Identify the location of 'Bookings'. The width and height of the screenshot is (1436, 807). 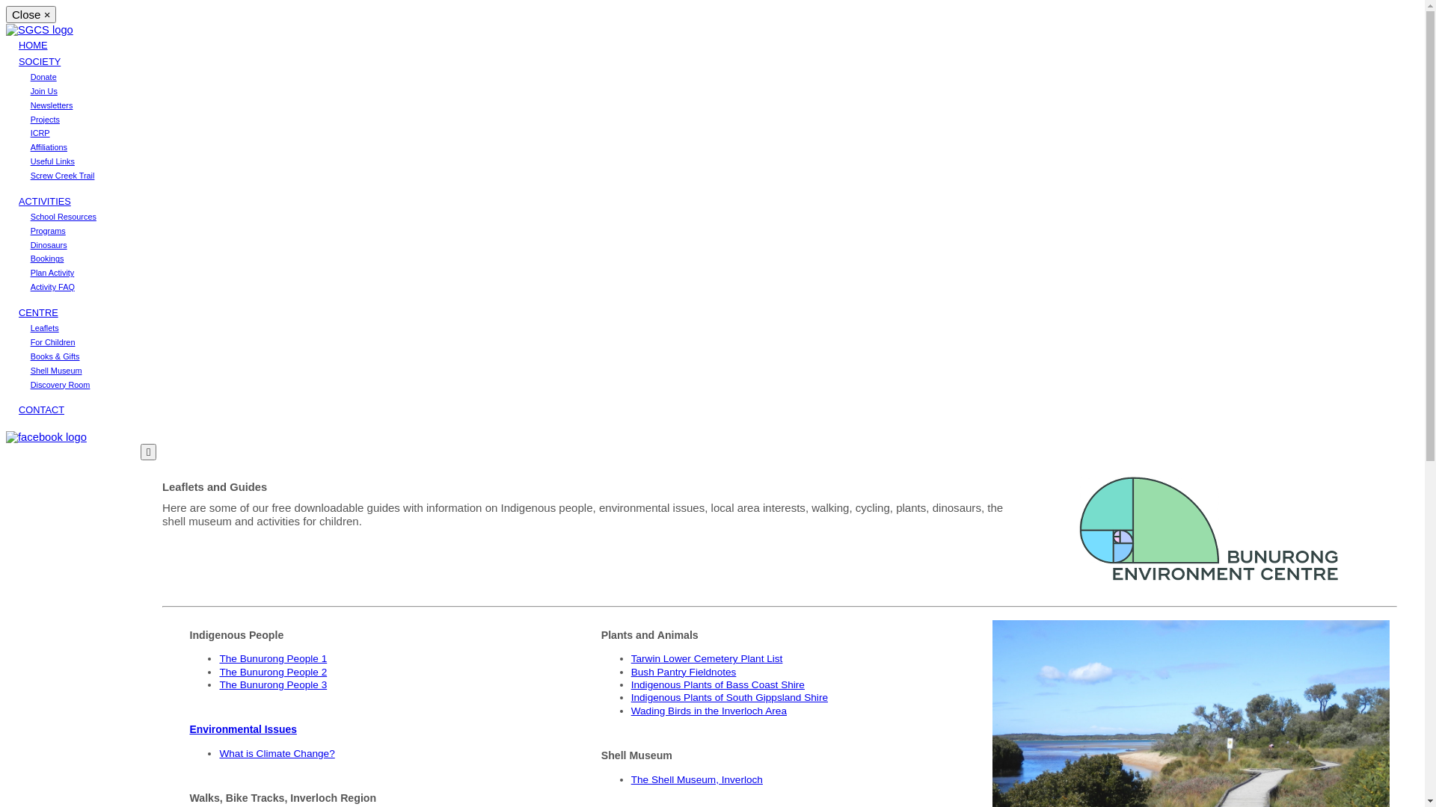
(31, 258).